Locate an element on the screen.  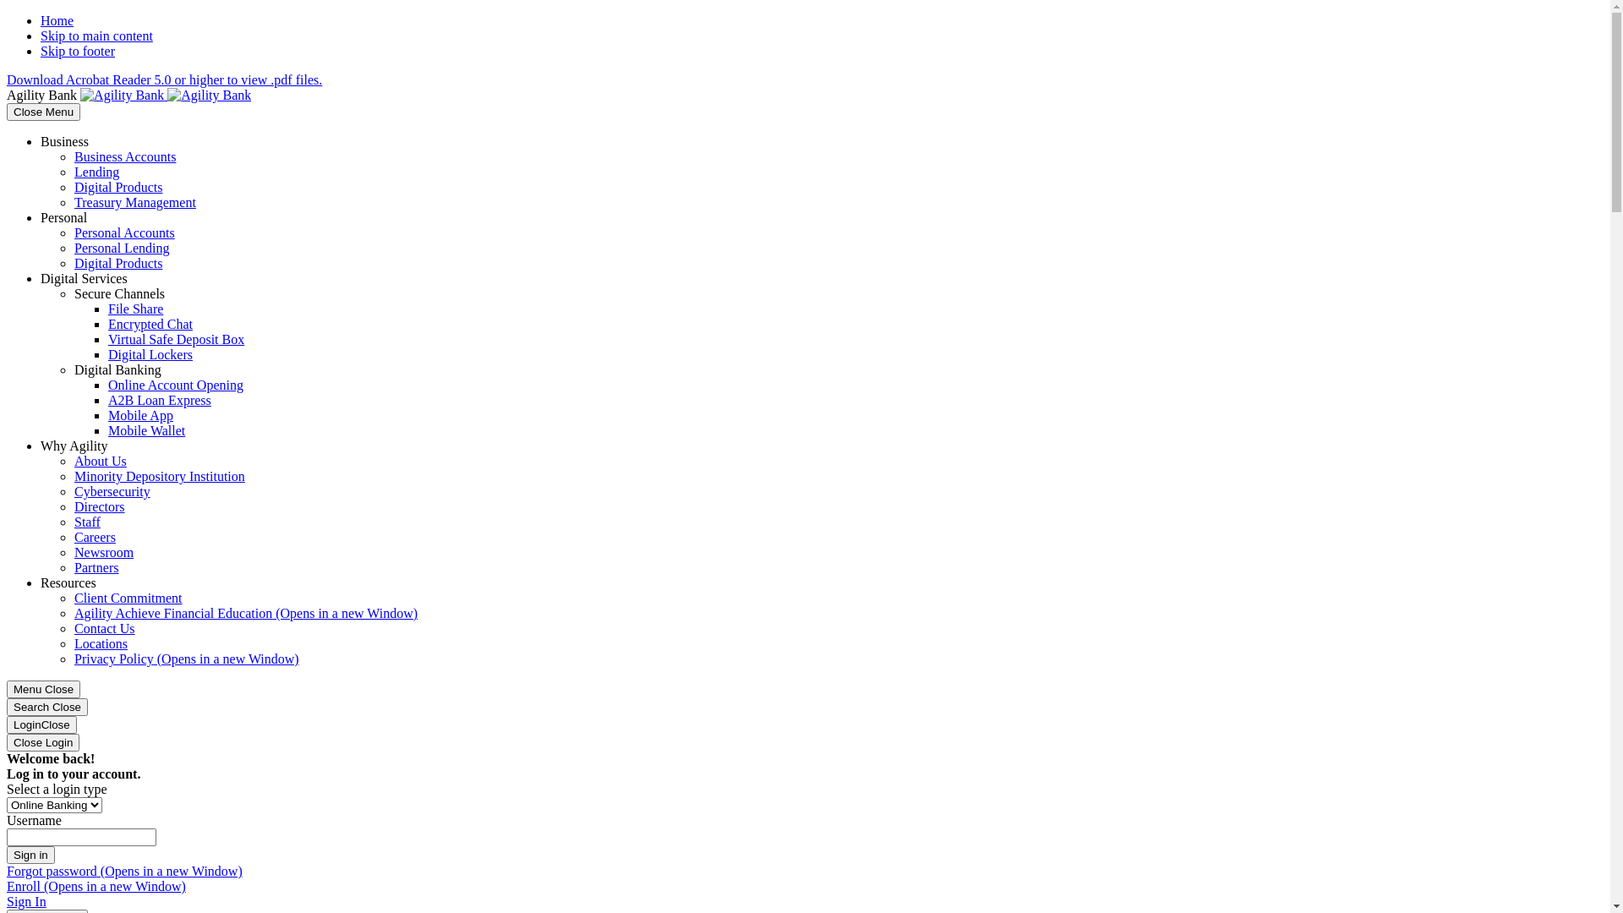
'File Share' is located at coordinates (135, 309).